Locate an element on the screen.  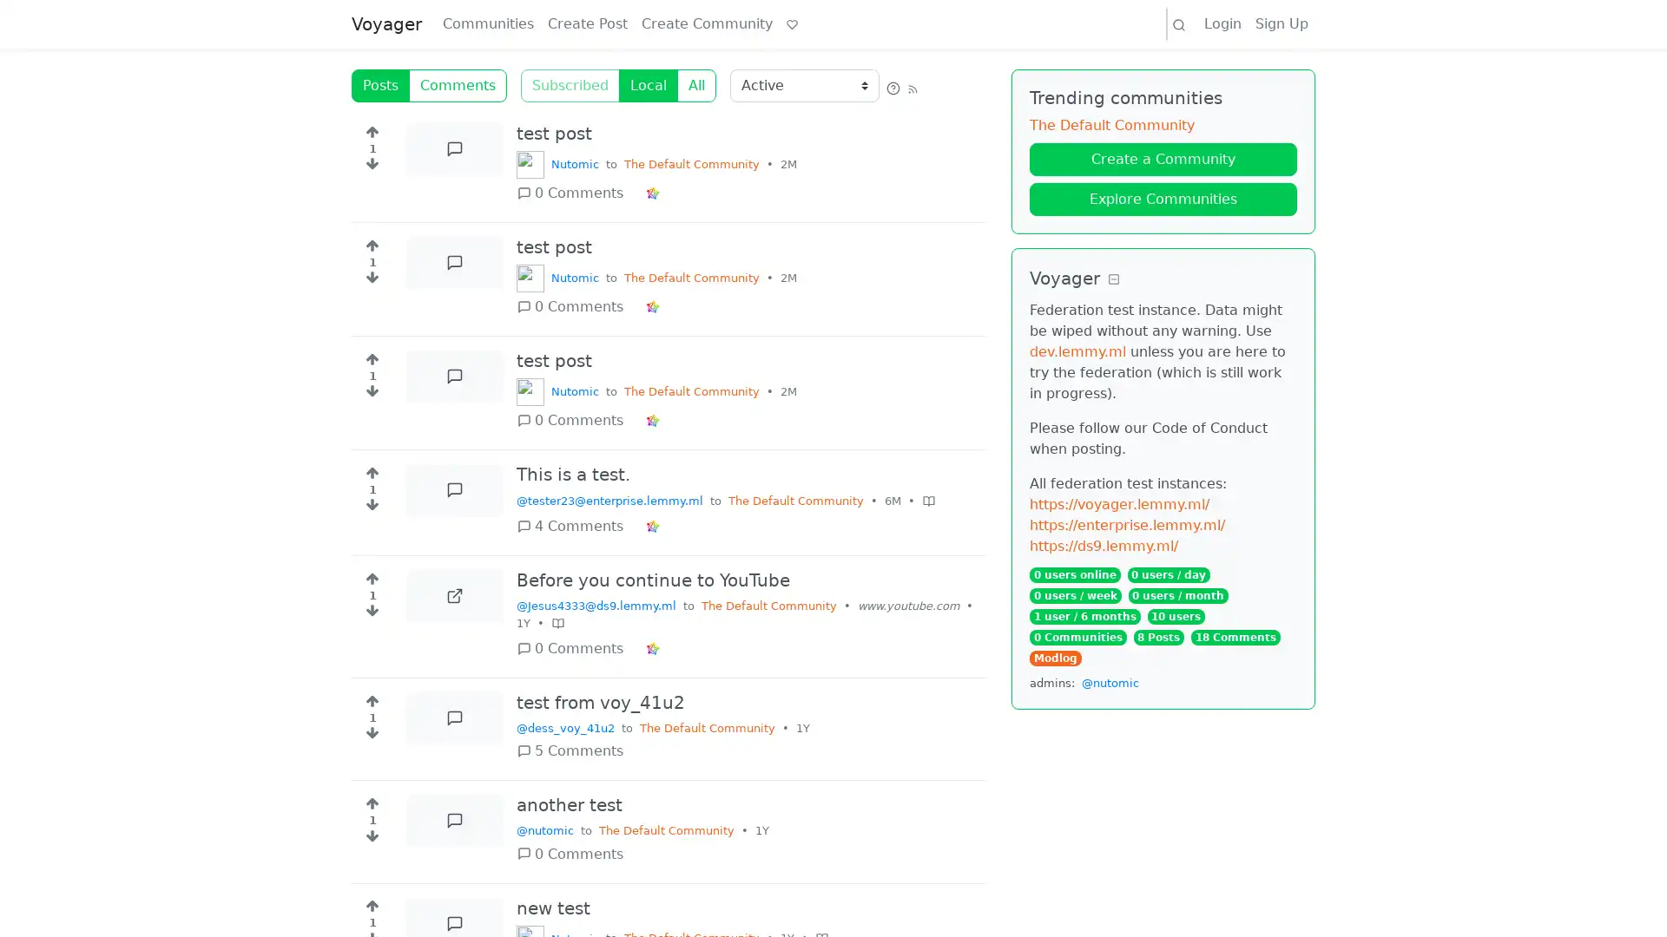
0 Comments is located at coordinates (575, 852).